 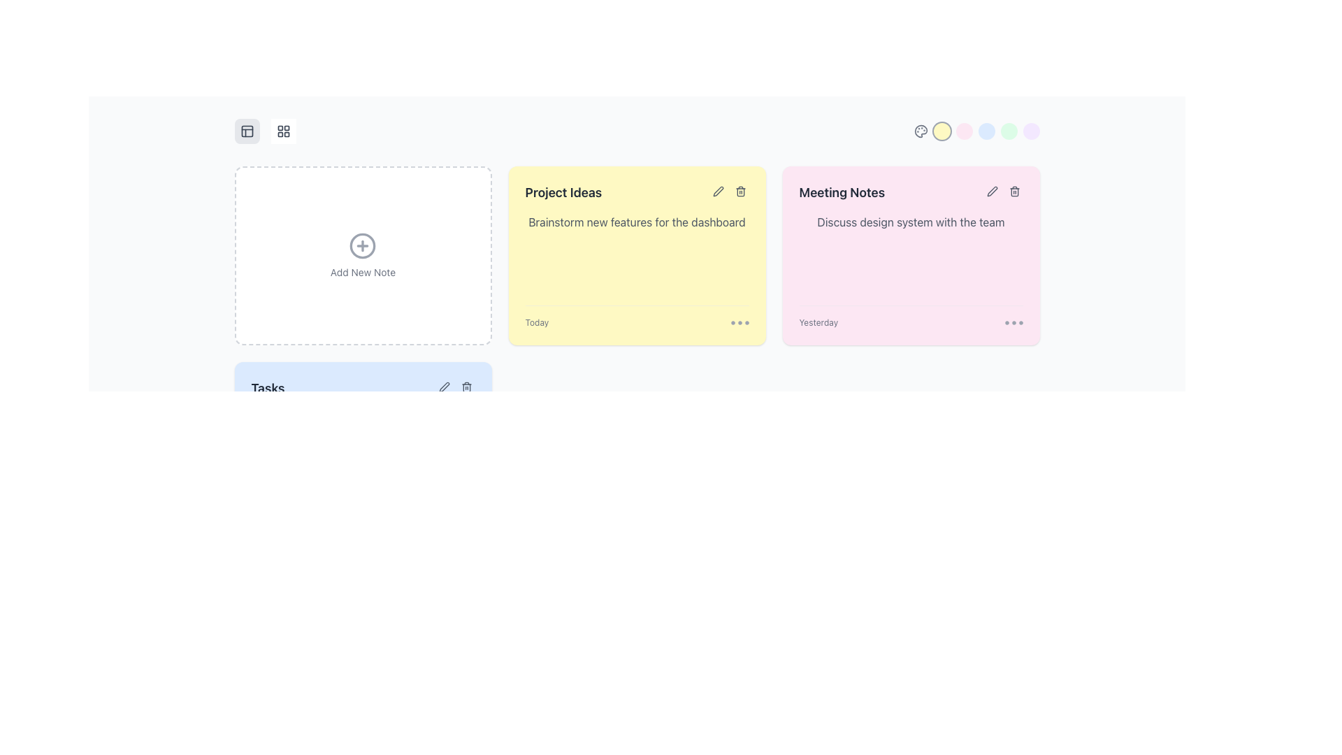 What do you see at coordinates (941, 131) in the screenshot?
I see `the circular button with a yellow background and gray outline located in the top-right corner, second from the left, for interaction` at bounding box center [941, 131].